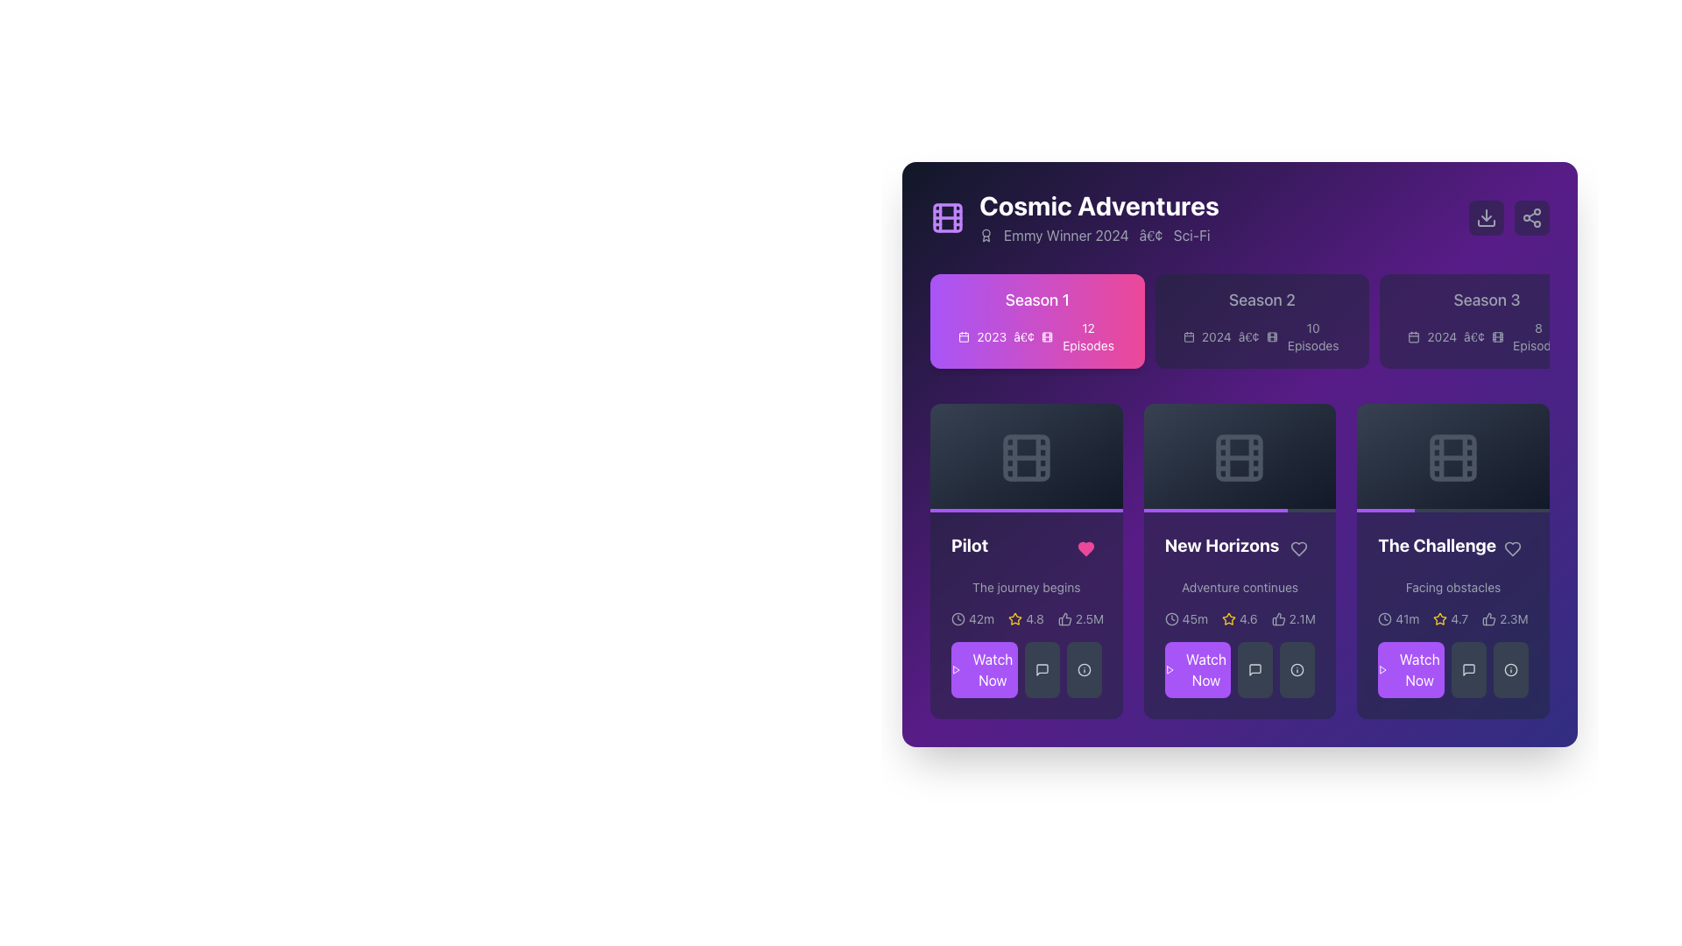 The image size is (1682, 946). Describe the element at coordinates (1026, 456) in the screenshot. I see `the film or video icon located in the first card of the first row under the 'Season 1' tab, above the 'Pilot' episode details` at that location.